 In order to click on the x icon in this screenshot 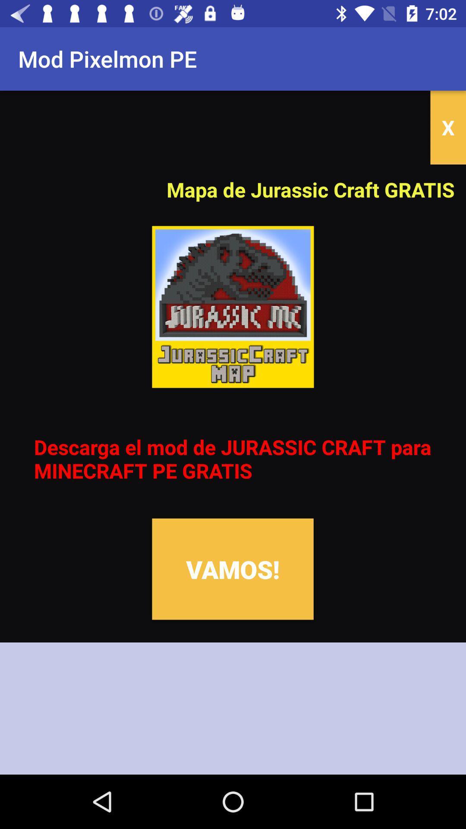, I will do `click(447, 127)`.